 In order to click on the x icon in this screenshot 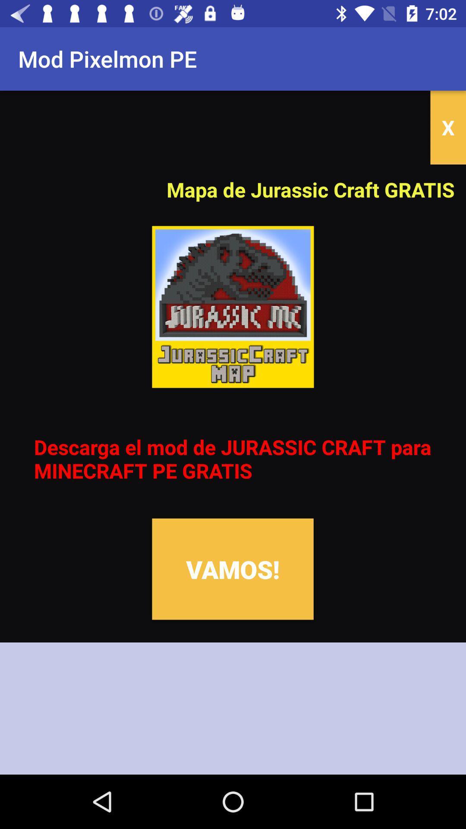, I will do `click(447, 127)`.